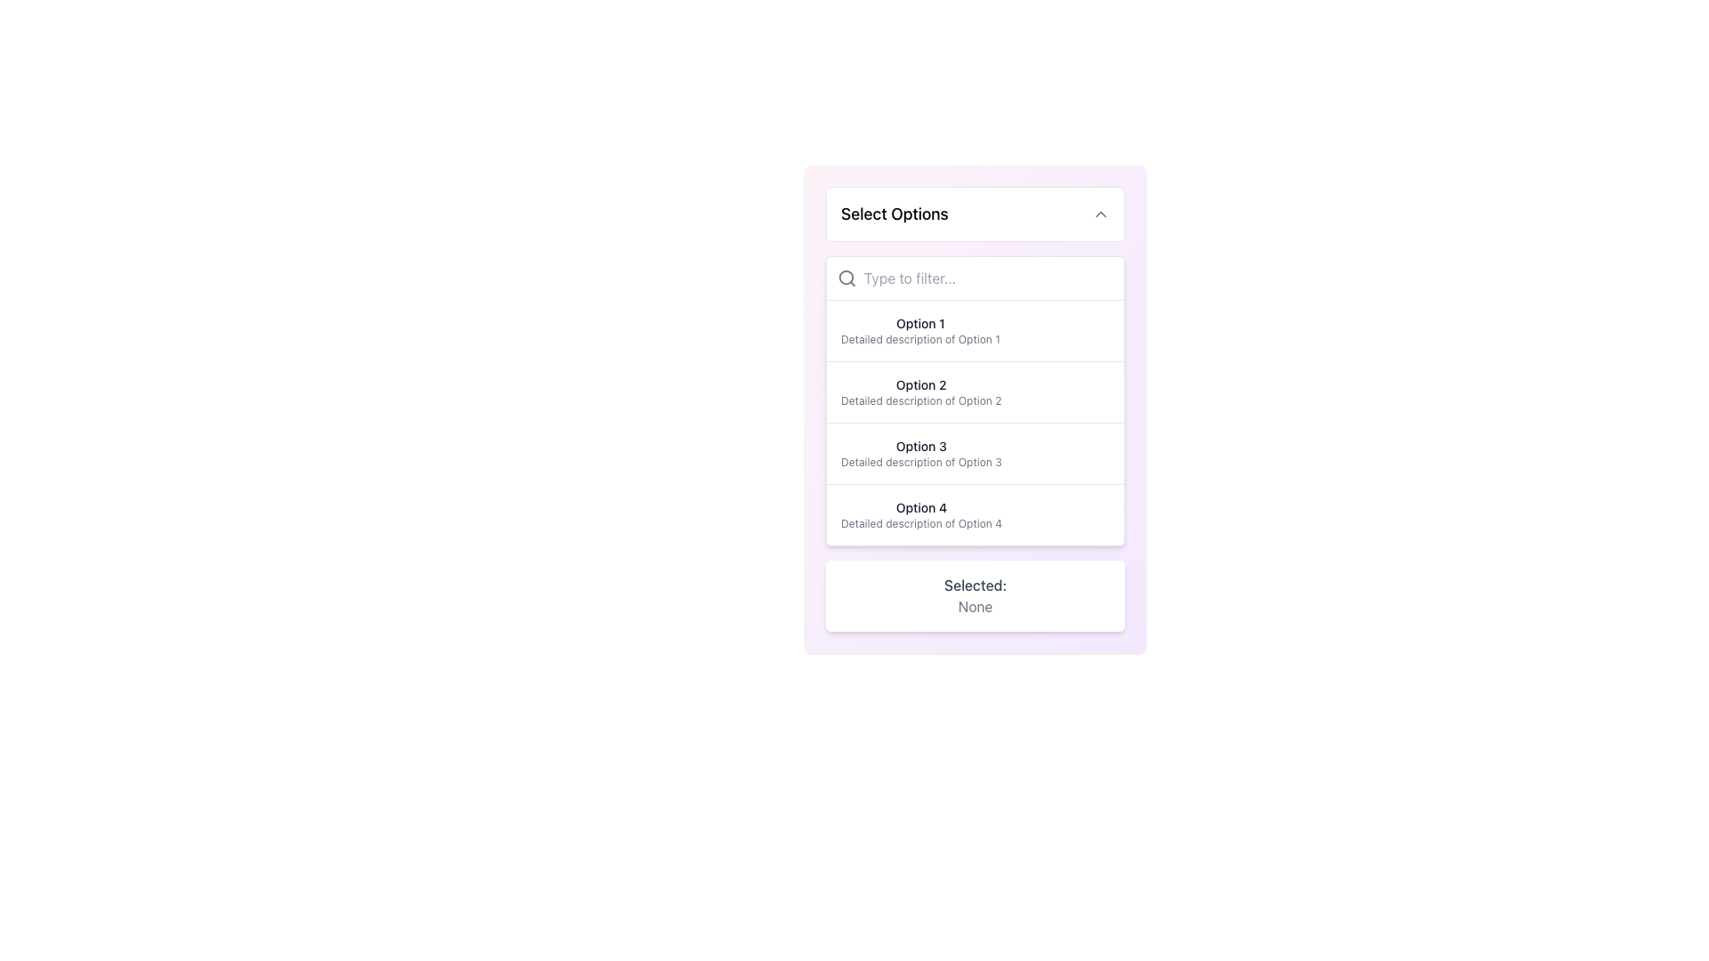  What do you see at coordinates (920, 323) in the screenshot?
I see `the first text label of the dropdown list under the 'Select Options' search bar` at bounding box center [920, 323].